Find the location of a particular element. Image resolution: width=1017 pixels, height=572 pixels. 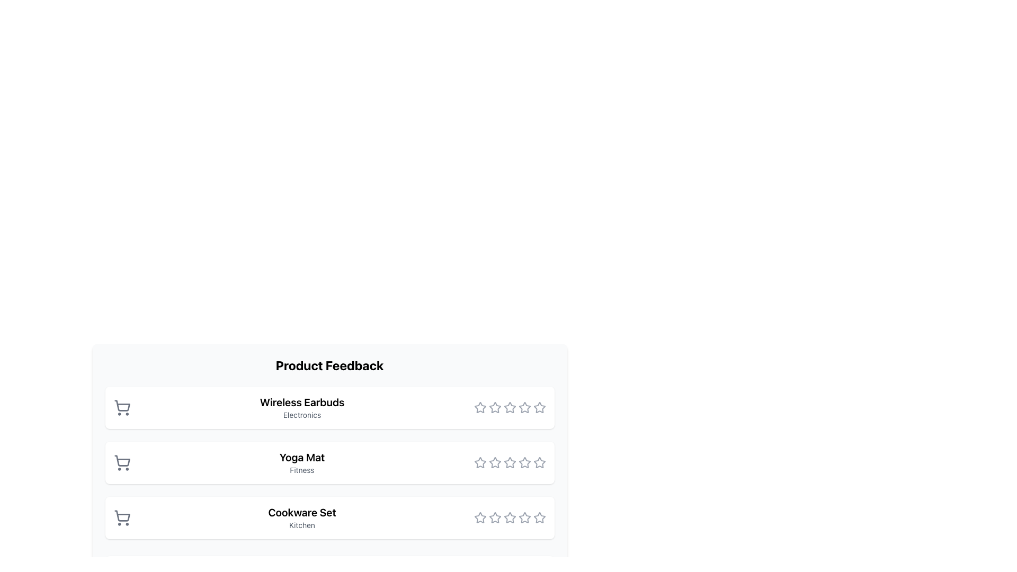

the first star icon in the rating interface for the 'Cookware Set' to trigger a tooltip or visual highlight is located at coordinates (494, 517).